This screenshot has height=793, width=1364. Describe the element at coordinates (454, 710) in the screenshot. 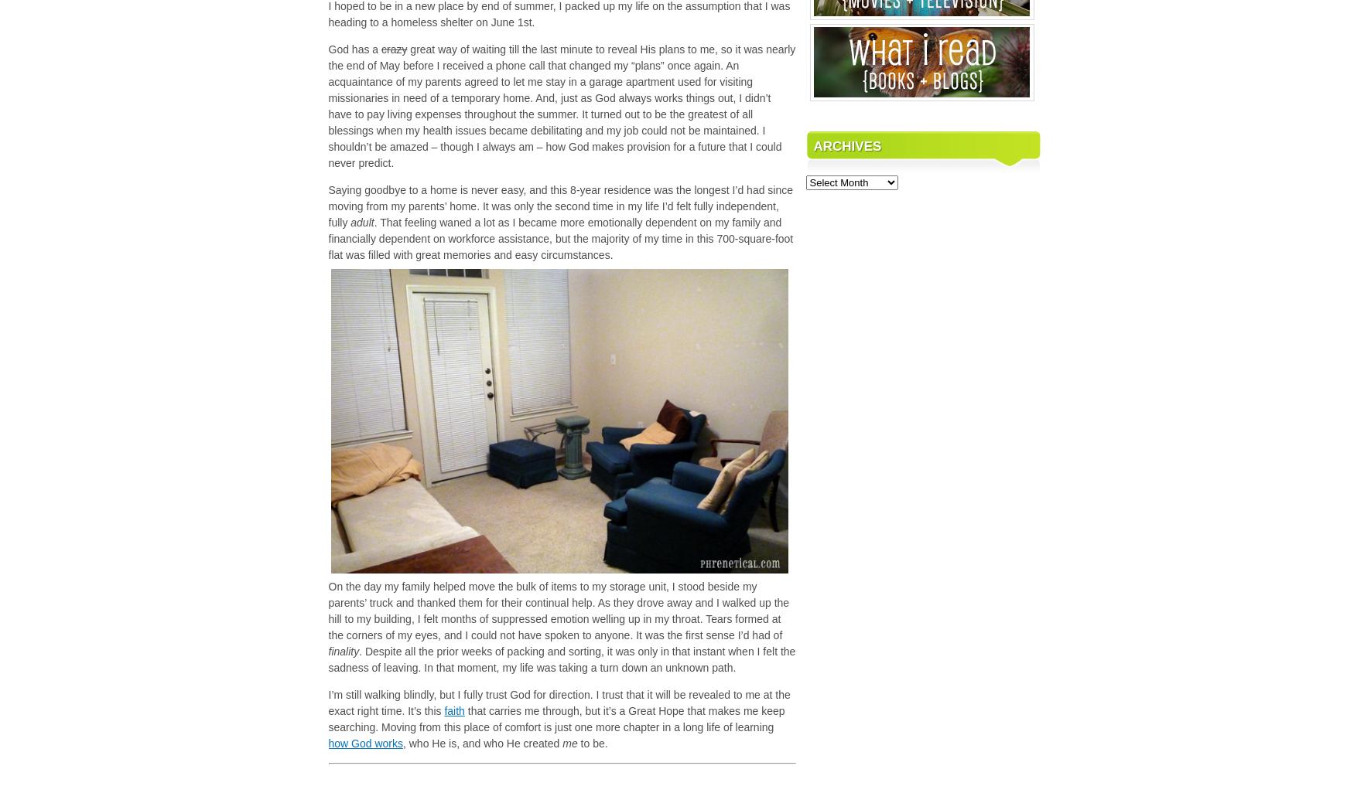

I see `'faith'` at that location.